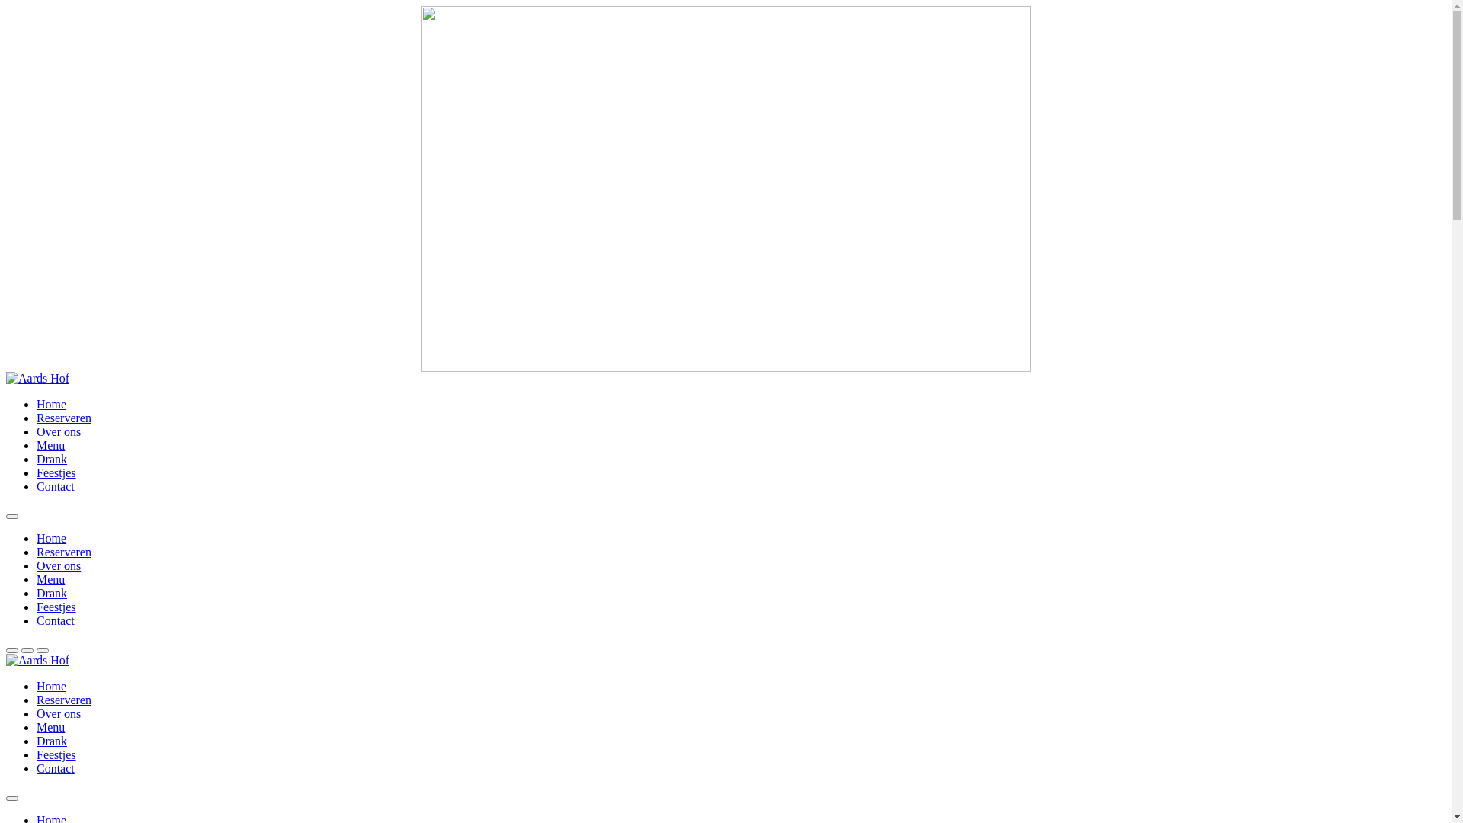  I want to click on 'Over ons', so click(58, 713).